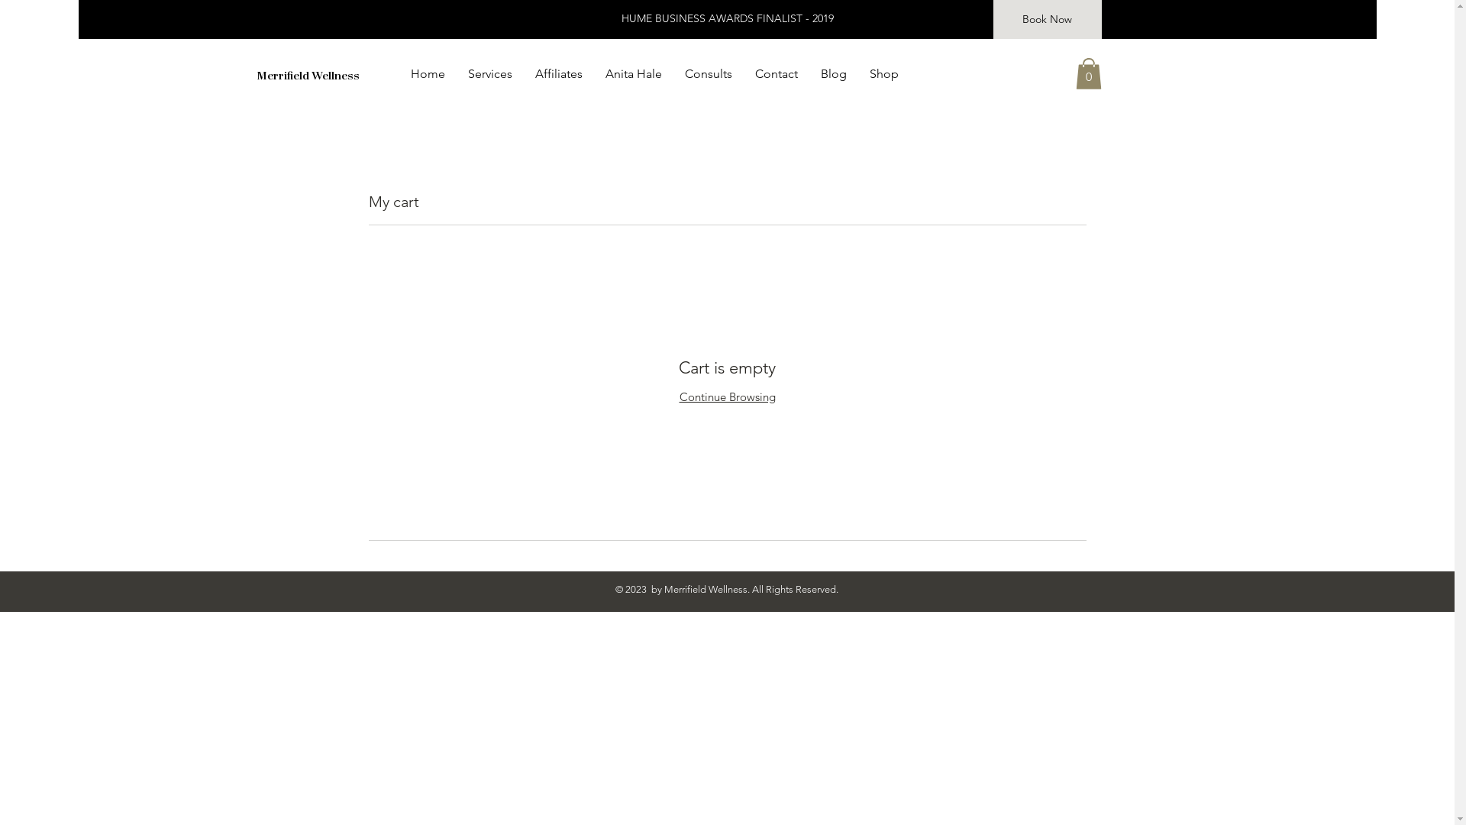  What do you see at coordinates (678, 396) in the screenshot?
I see `'Continue Browsing'` at bounding box center [678, 396].